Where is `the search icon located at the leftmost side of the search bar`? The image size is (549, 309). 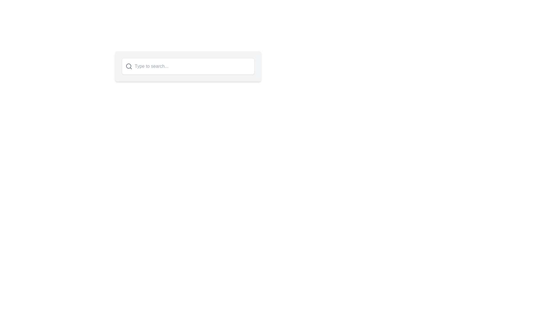 the search icon located at the leftmost side of the search bar is located at coordinates (129, 66).